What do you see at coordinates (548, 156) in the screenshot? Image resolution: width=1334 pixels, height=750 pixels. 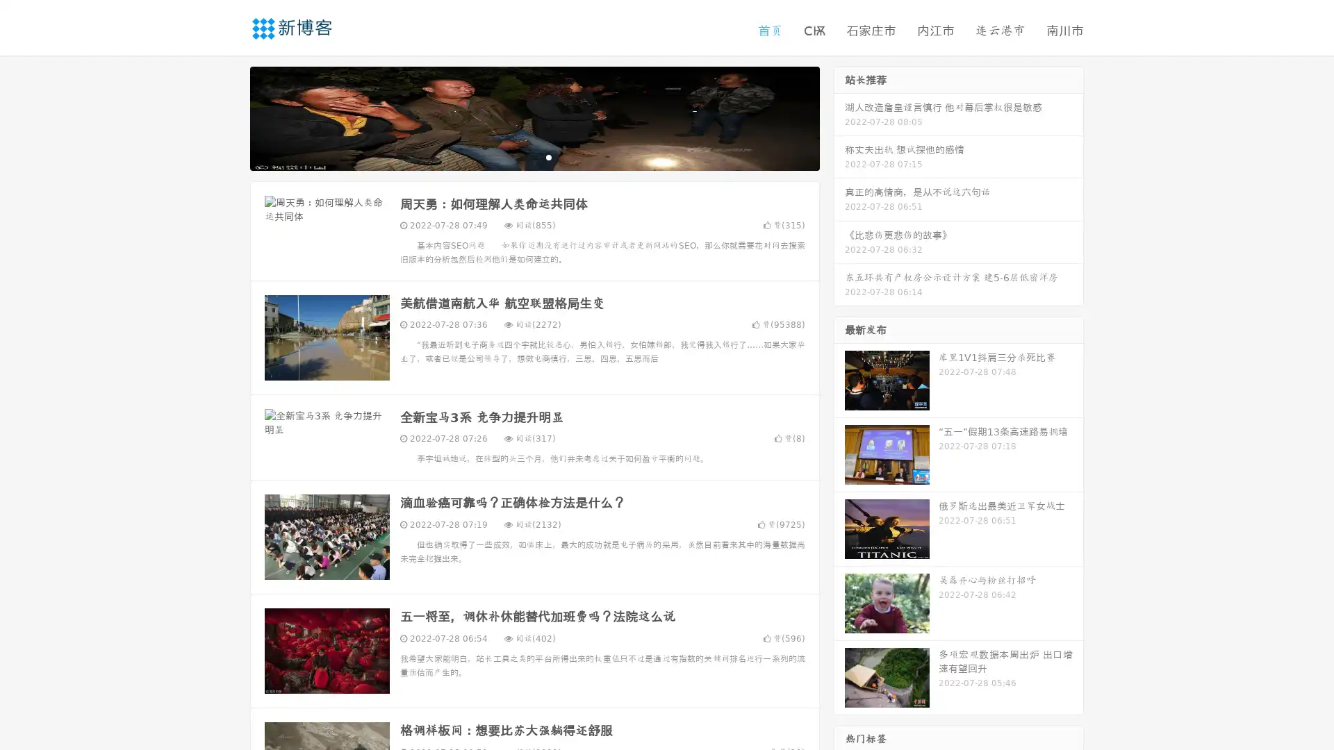 I see `Go to slide 3` at bounding box center [548, 156].